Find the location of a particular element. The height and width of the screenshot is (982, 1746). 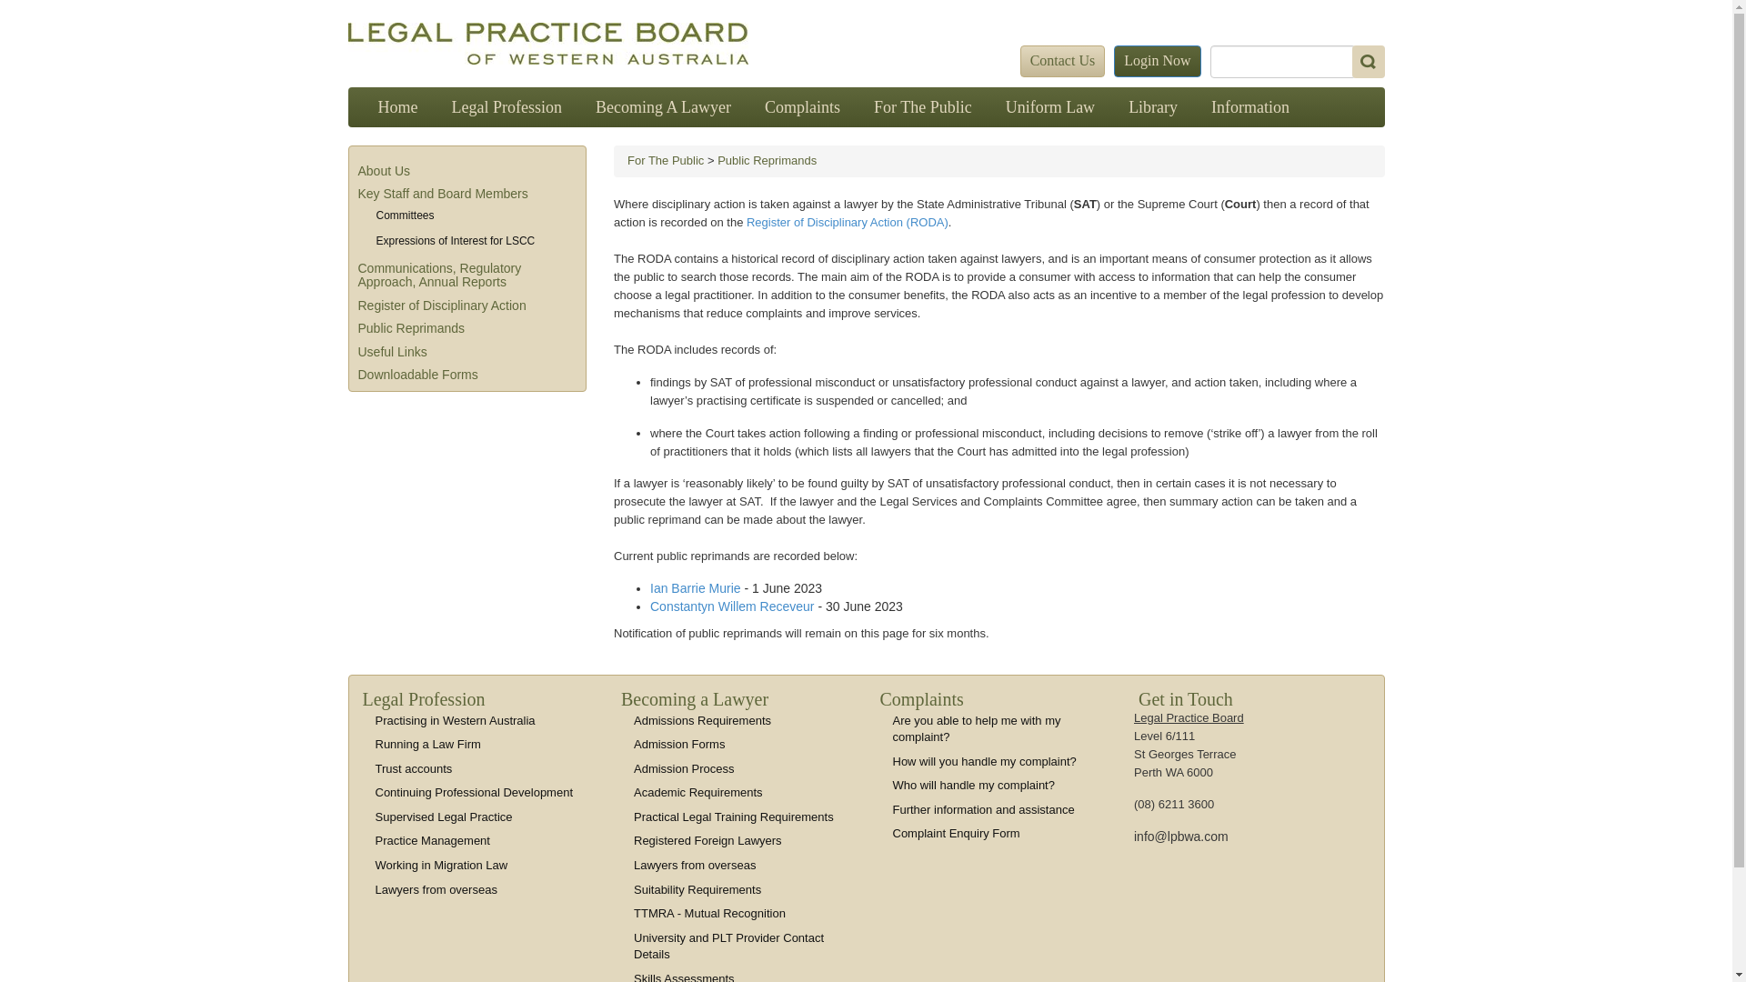

'Register of Disciplinary Action (RODA)' is located at coordinates (846, 221).